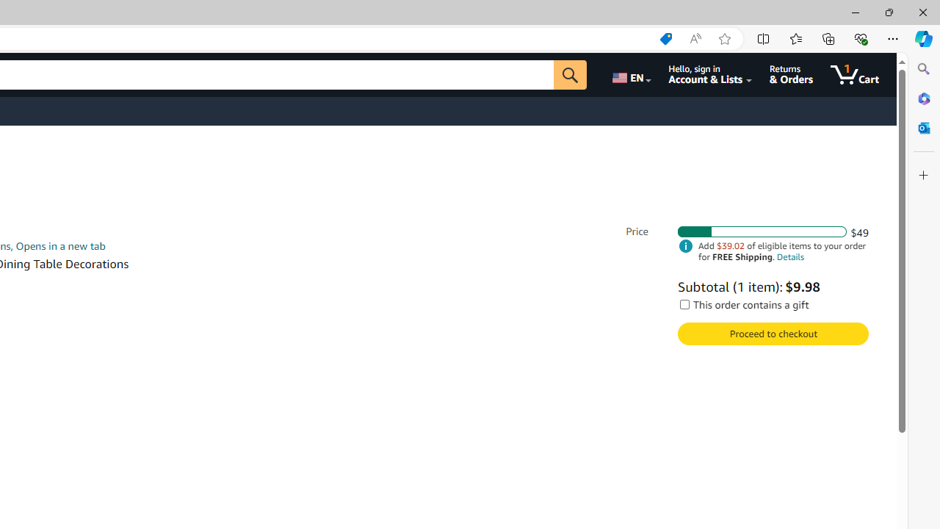  What do you see at coordinates (855, 74) in the screenshot?
I see `'1 item in cart'` at bounding box center [855, 74].